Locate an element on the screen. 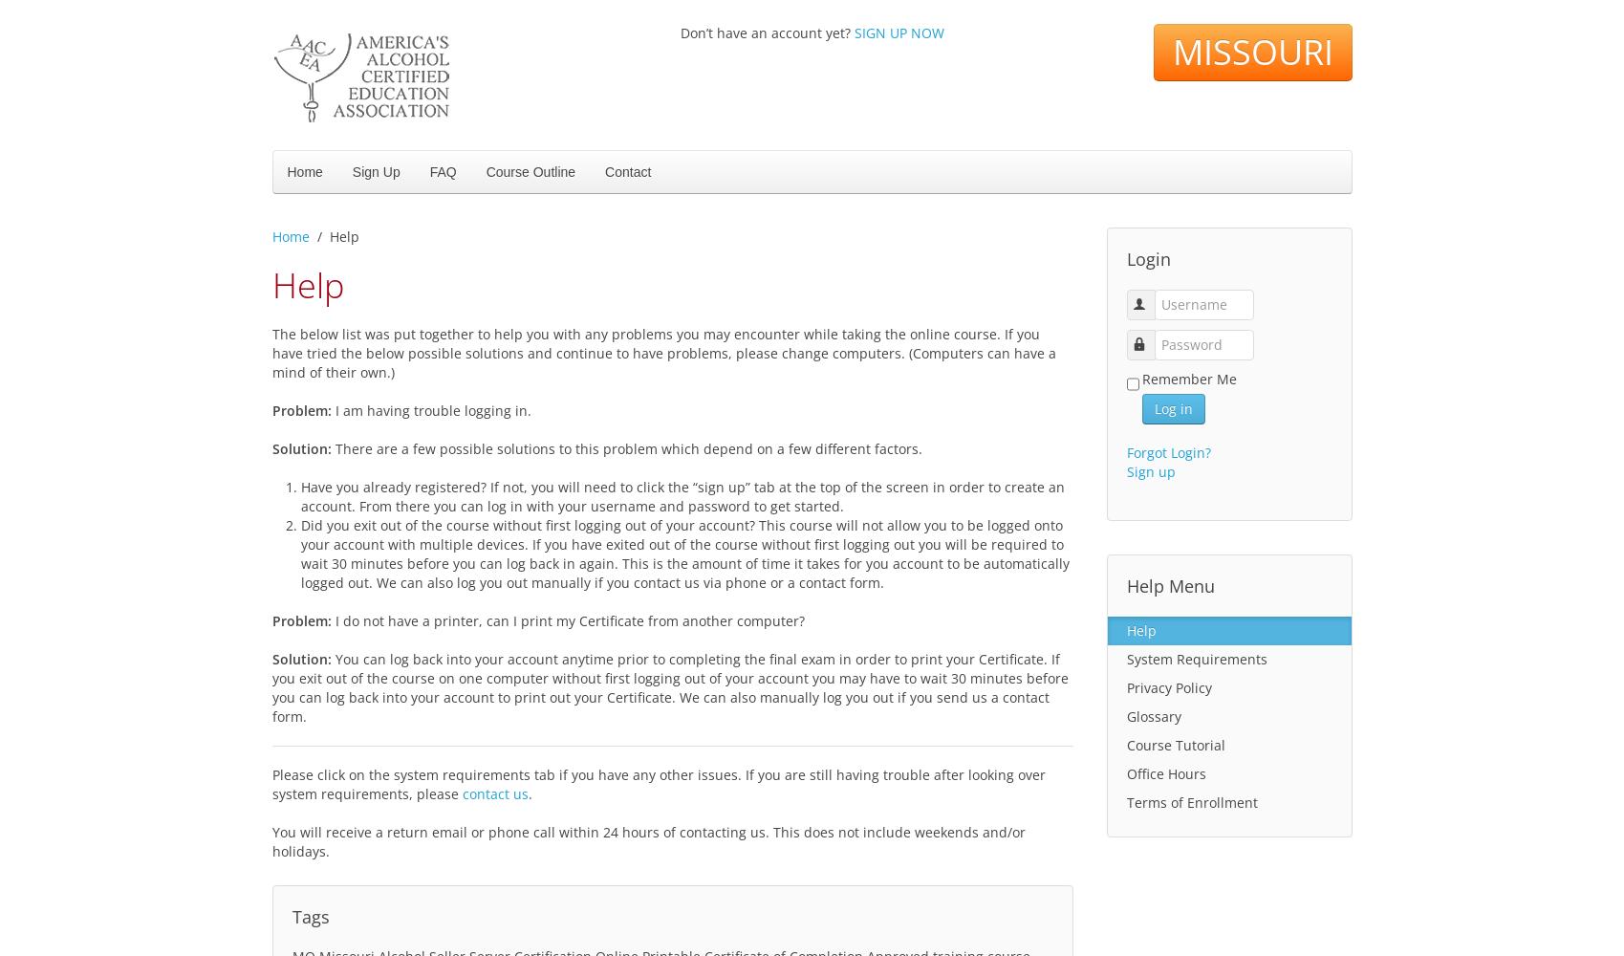 This screenshot has width=1624, height=956. 'Sign up' is located at coordinates (1151, 470).